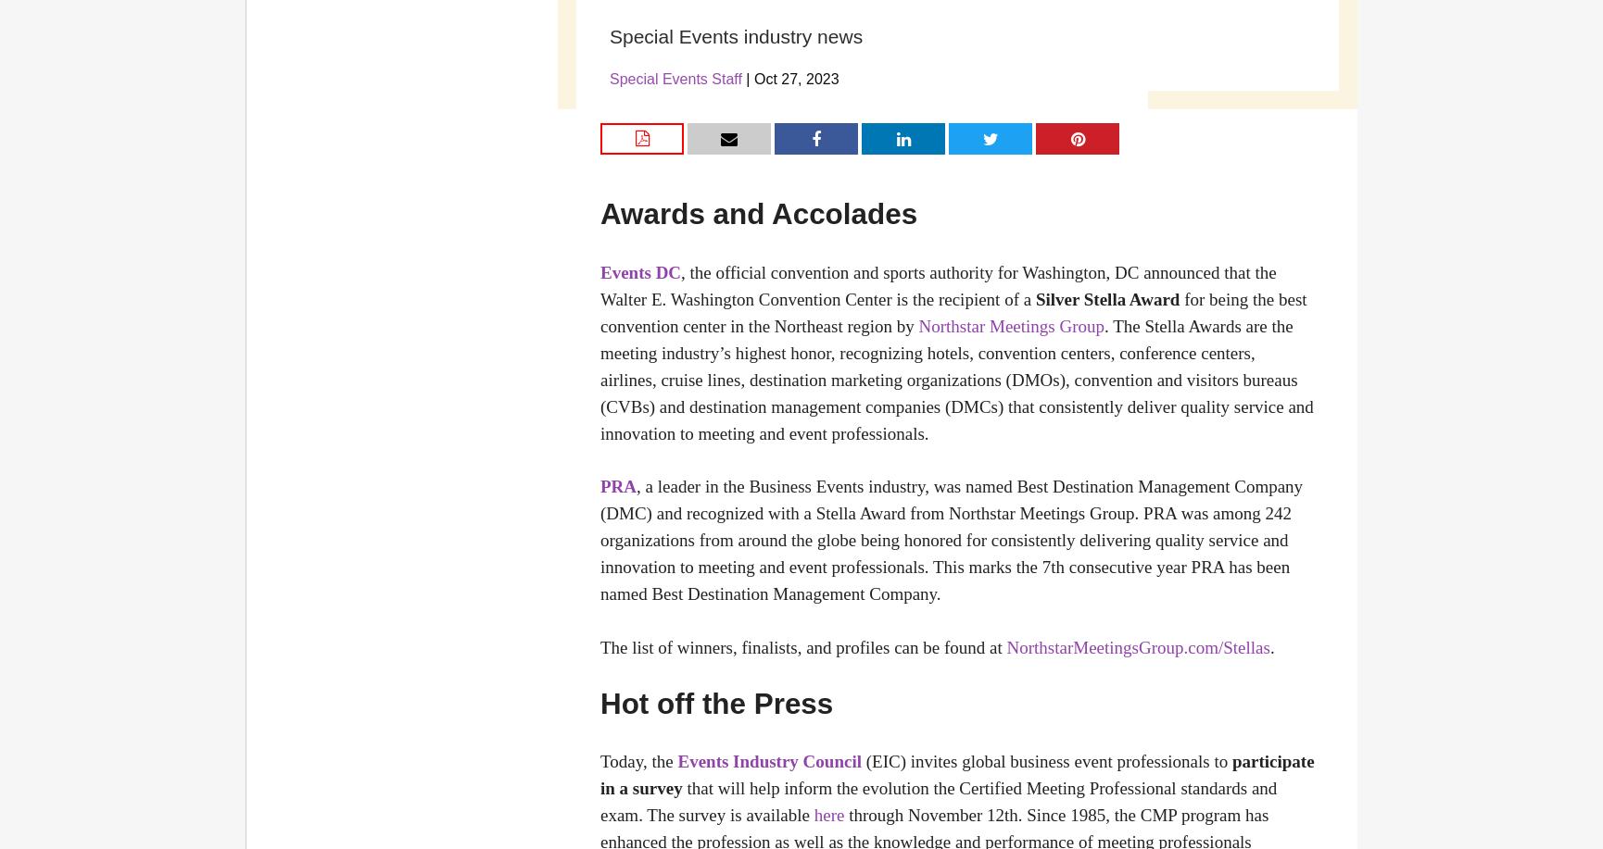 The height and width of the screenshot is (849, 1603). What do you see at coordinates (600, 486) in the screenshot?
I see `'PRA'` at bounding box center [600, 486].